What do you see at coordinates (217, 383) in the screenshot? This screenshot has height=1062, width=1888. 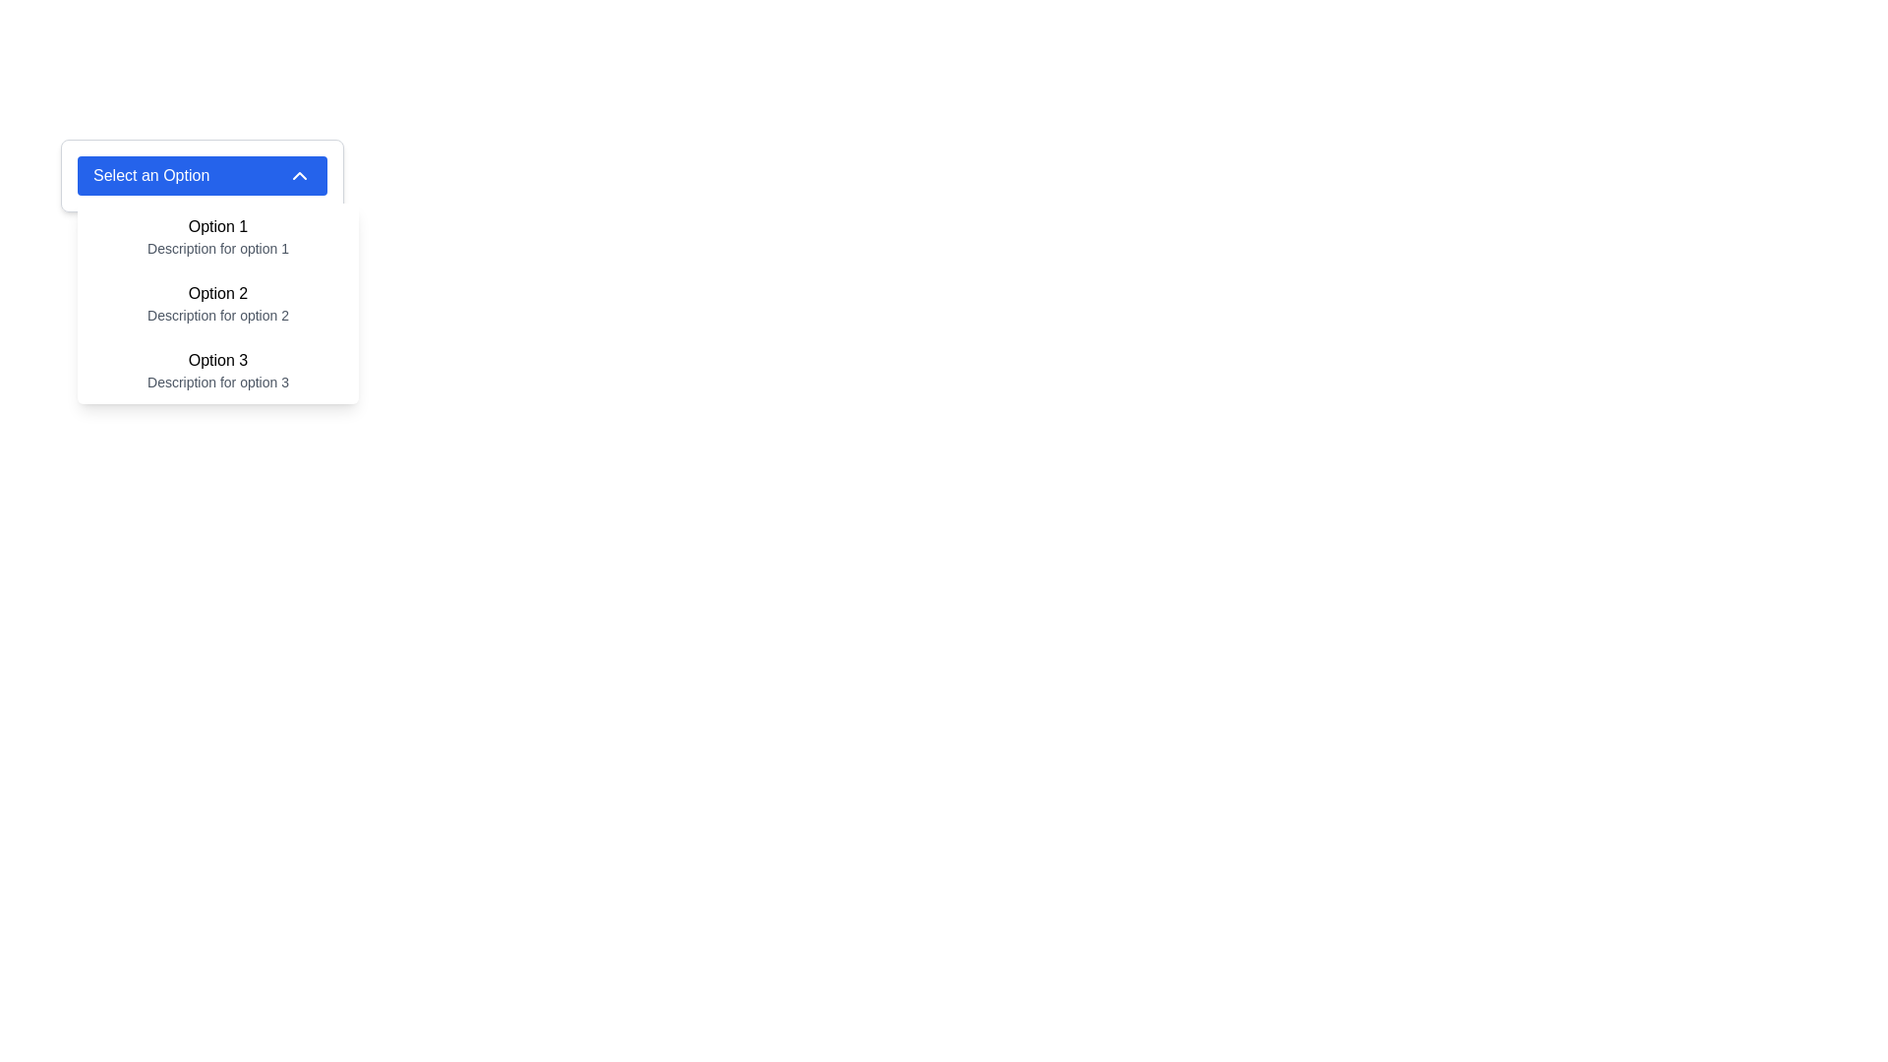 I see `the Text label located directly below the 'Option 3' title in the dropdown menu, which provides additional descriptive information about the 'Option 3' selection` at bounding box center [217, 383].